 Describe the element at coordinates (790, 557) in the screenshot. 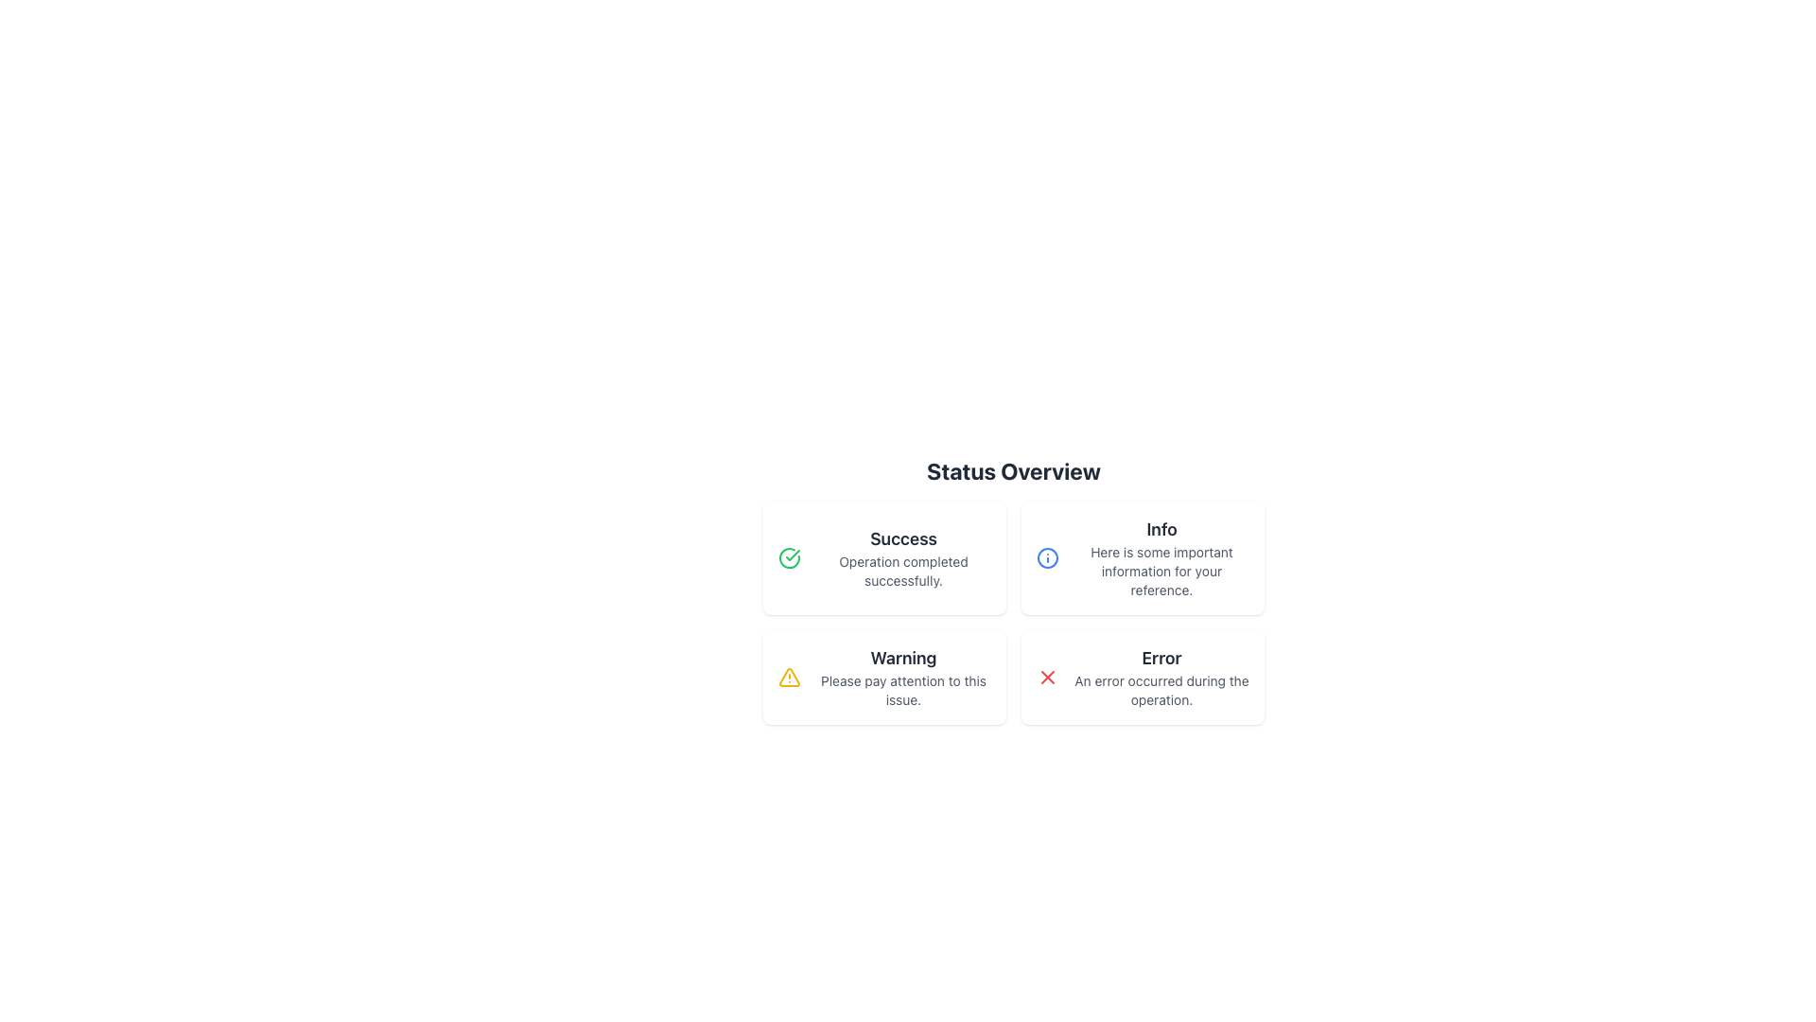

I see `the green outlined circle Icon with a checkmark inside, located to the left of the 'Success' status message in the top-left group of the status overview grid` at that location.